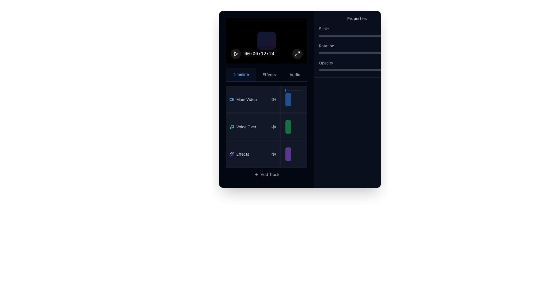 This screenshot has width=548, height=308. I want to click on the scale slider, so click(372, 36).